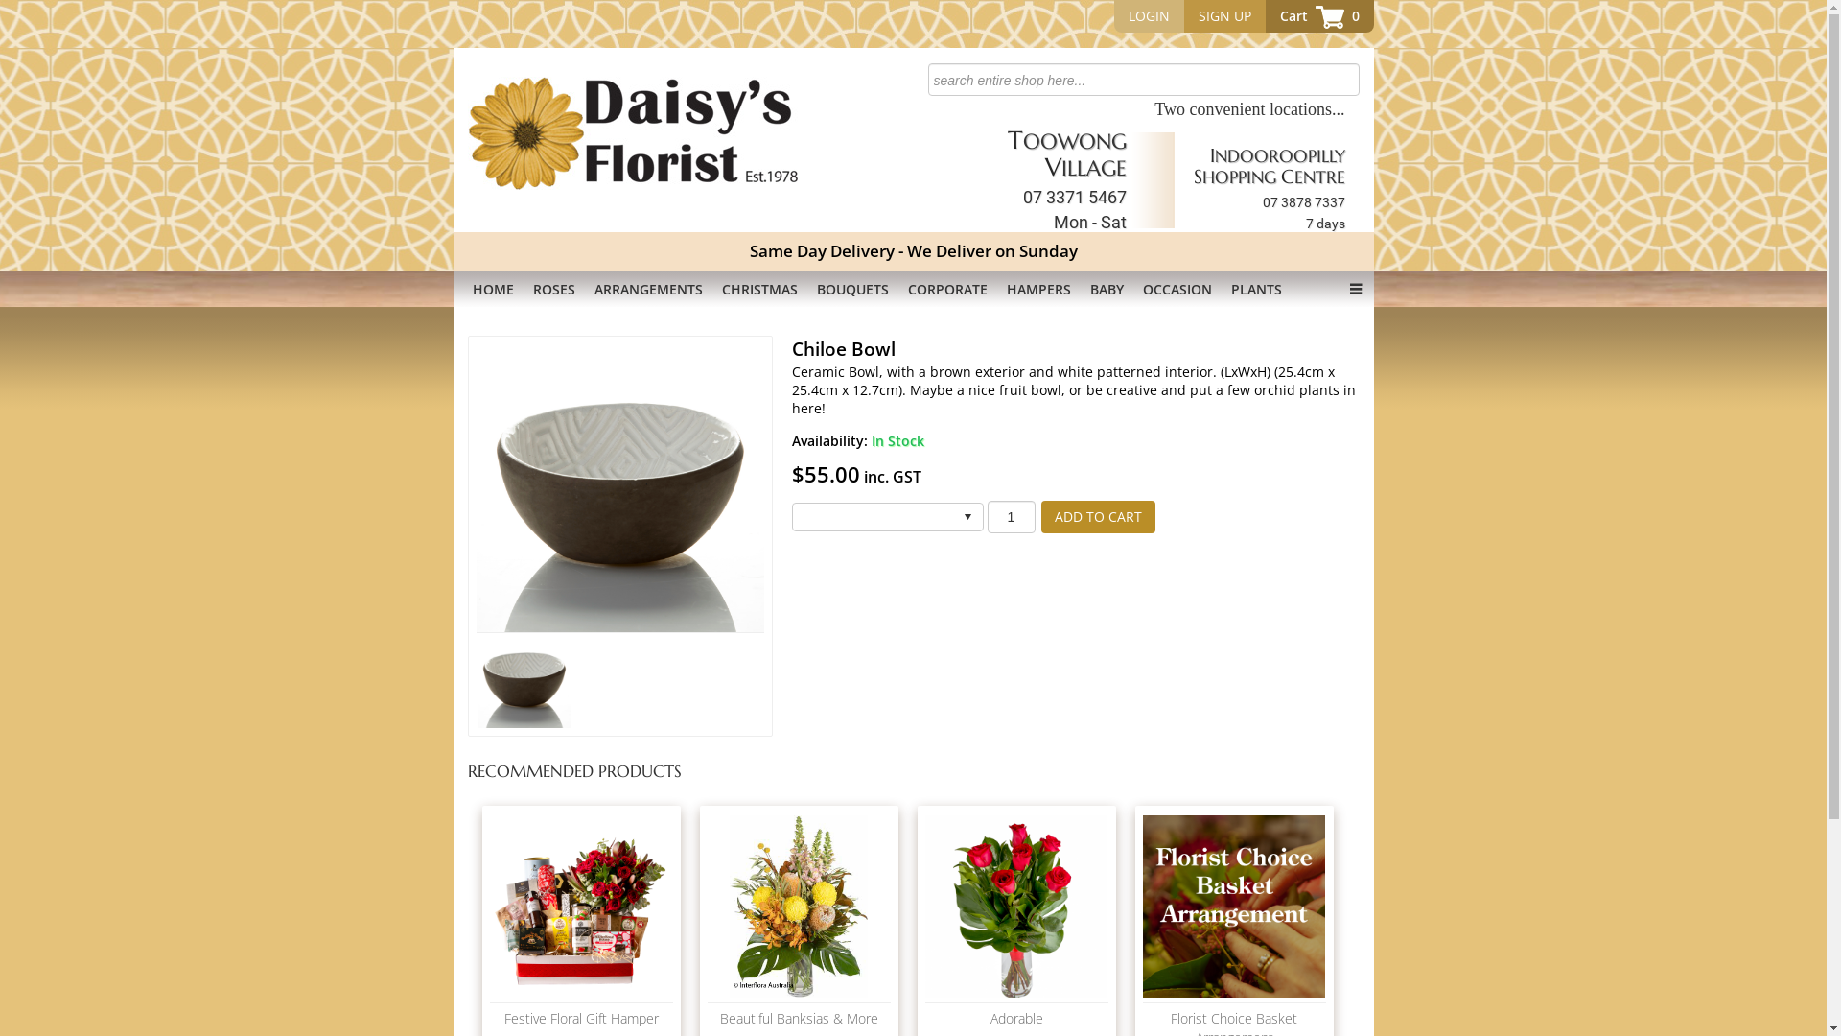  I want to click on 'LOGIN', so click(1149, 15).